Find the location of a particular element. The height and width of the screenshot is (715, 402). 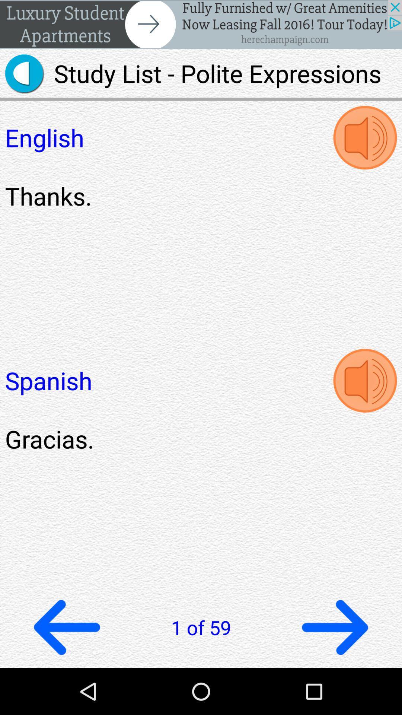

sound is located at coordinates (364, 137).